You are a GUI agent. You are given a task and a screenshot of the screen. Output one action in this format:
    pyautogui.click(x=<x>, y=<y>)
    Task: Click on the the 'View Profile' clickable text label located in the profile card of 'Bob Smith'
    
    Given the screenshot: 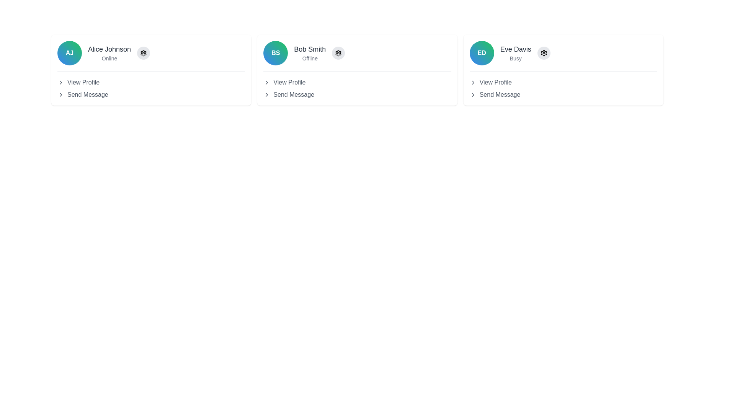 What is the action you would take?
    pyautogui.click(x=289, y=83)
    